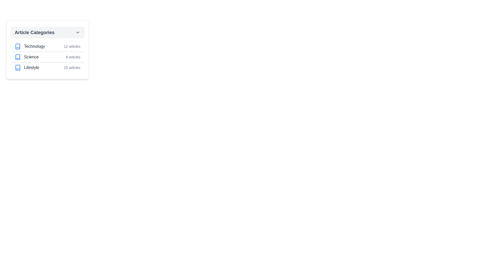  Describe the element at coordinates (72, 47) in the screenshot. I see `the text label displaying '12 articles' which is styled in gray and positioned to the right of 'Technology' in the 'Article Categories' section` at that location.